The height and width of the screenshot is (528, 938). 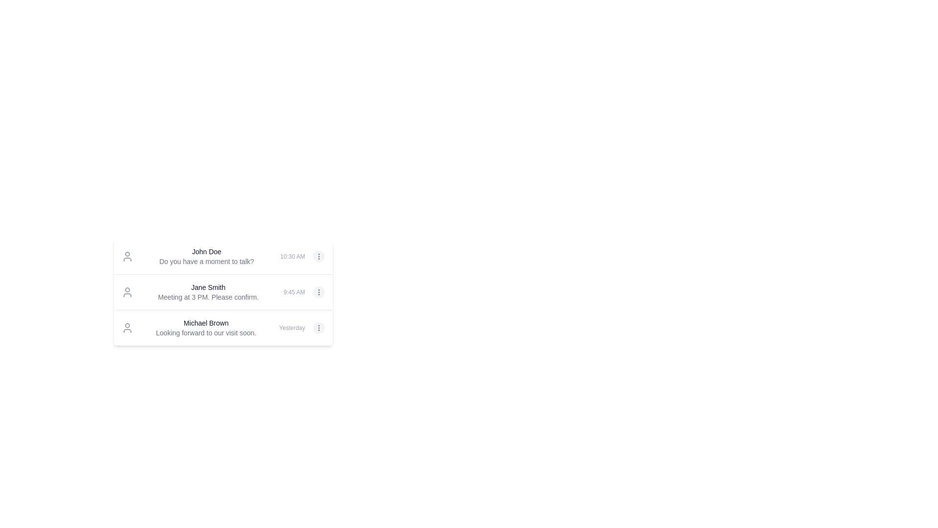 I want to click on to select the second message in the list, which displays the sender's name, a short message preview, and the time received, so click(x=222, y=291).